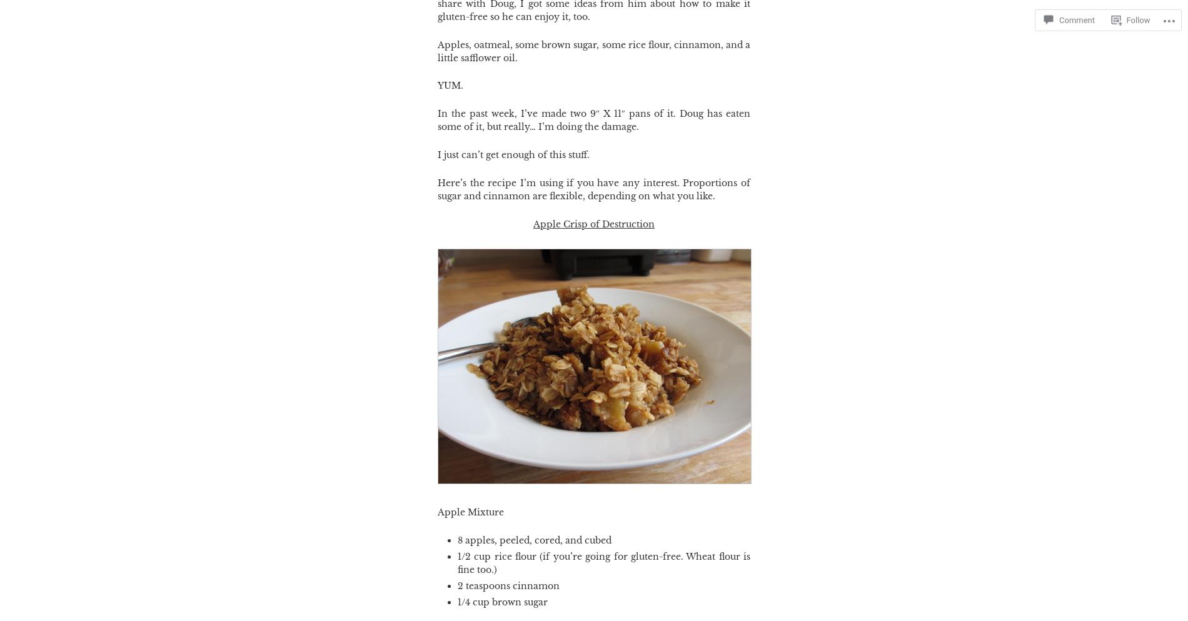 The image size is (1188, 621). What do you see at coordinates (513, 154) in the screenshot?
I see `'I just can’t get enough of this stuff.'` at bounding box center [513, 154].